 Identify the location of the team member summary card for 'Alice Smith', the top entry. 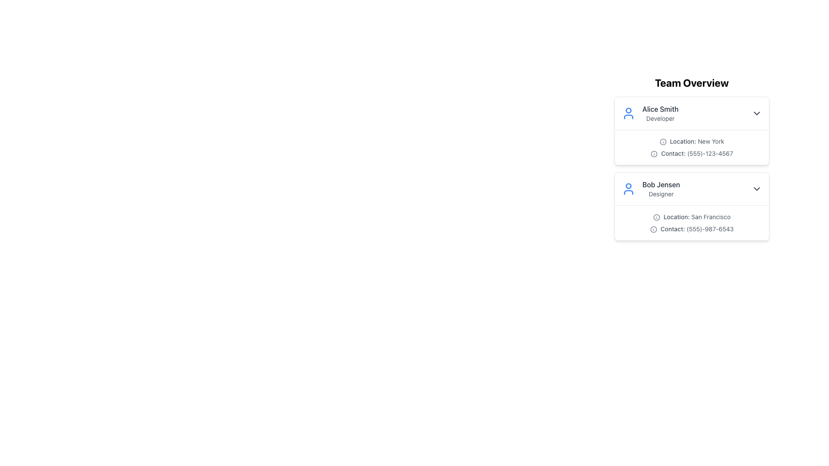
(650, 113).